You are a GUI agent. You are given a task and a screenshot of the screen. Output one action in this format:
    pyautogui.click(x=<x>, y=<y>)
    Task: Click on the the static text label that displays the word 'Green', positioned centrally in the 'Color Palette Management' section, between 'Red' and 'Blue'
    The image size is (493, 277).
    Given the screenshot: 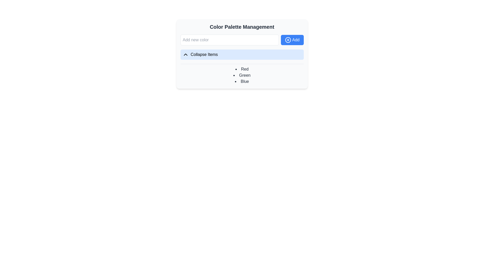 What is the action you would take?
    pyautogui.click(x=242, y=75)
    